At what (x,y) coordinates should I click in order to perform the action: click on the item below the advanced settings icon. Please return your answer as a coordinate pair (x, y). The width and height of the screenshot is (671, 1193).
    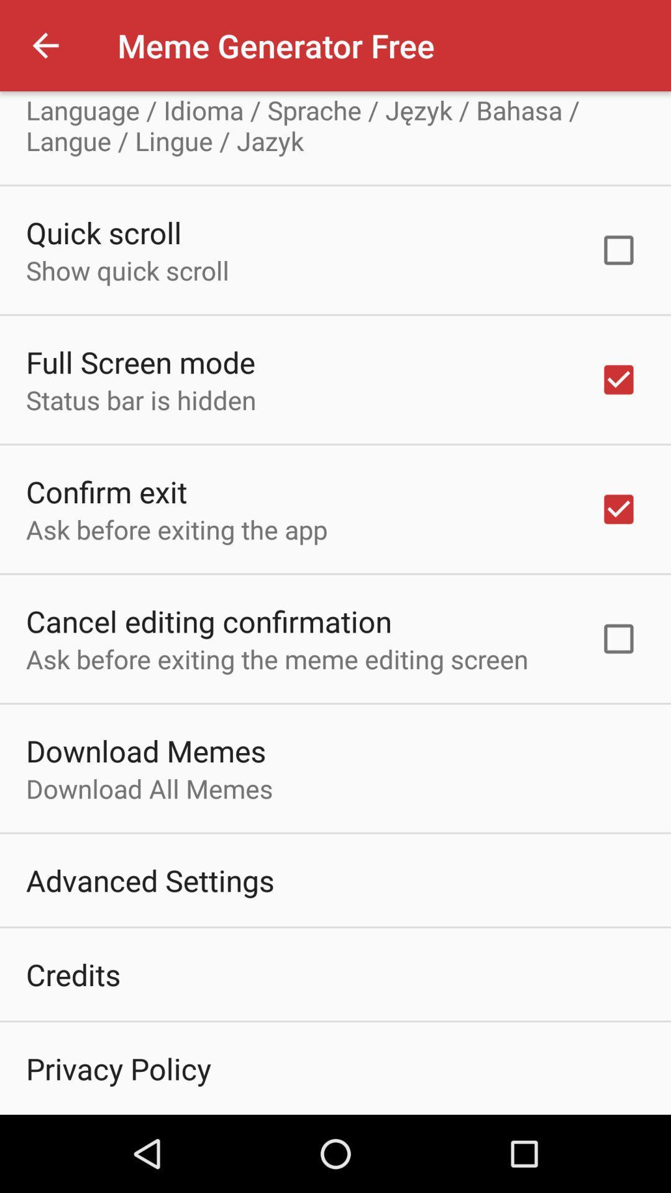
    Looking at the image, I should click on (73, 974).